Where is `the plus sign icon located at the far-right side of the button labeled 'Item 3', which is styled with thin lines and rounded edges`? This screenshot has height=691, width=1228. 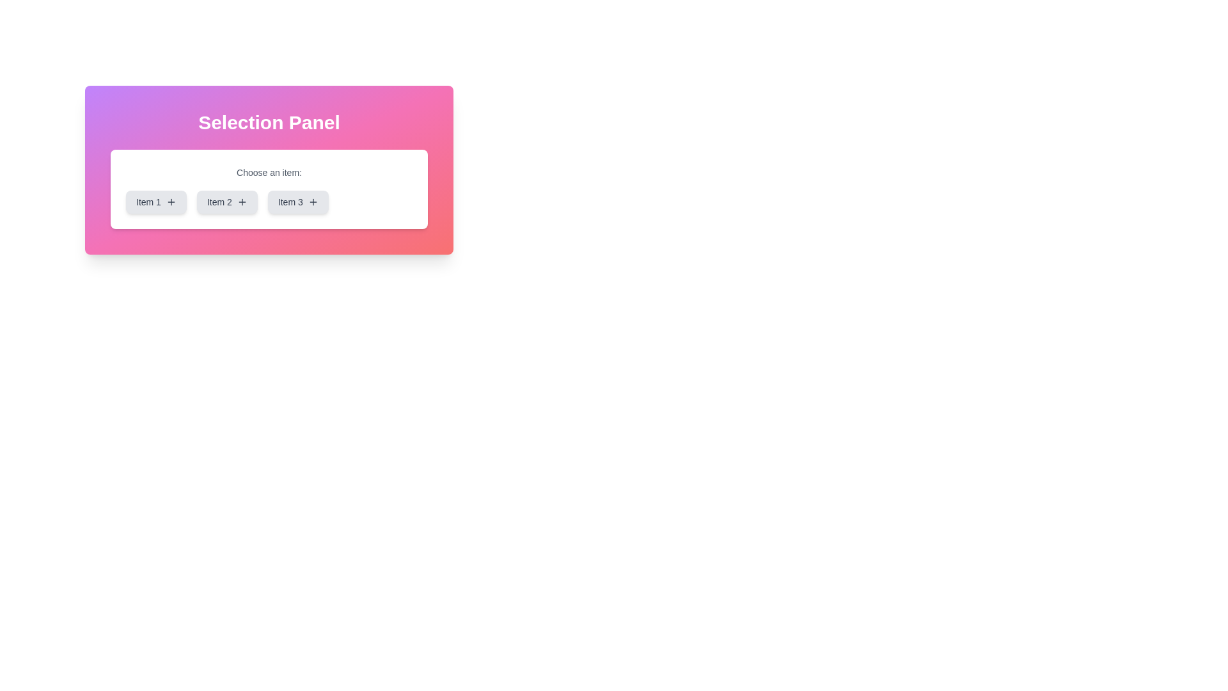
the plus sign icon located at the far-right side of the button labeled 'Item 3', which is styled with thin lines and rounded edges is located at coordinates (313, 202).